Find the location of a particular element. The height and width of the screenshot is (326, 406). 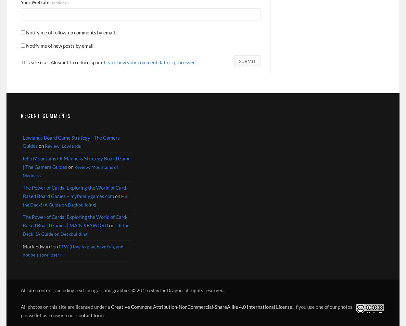

'Review: Lowlands' is located at coordinates (62, 145).